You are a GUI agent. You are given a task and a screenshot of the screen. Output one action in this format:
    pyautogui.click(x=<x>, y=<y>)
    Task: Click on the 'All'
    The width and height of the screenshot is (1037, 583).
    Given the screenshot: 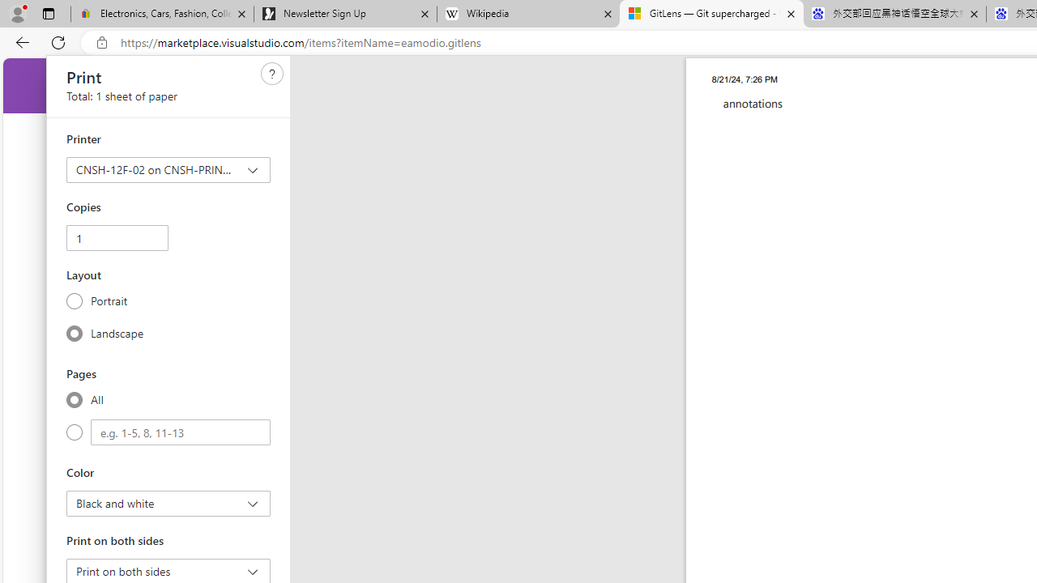 What is the action you would take?
    pyautogui.click(x=74, y=399)
    